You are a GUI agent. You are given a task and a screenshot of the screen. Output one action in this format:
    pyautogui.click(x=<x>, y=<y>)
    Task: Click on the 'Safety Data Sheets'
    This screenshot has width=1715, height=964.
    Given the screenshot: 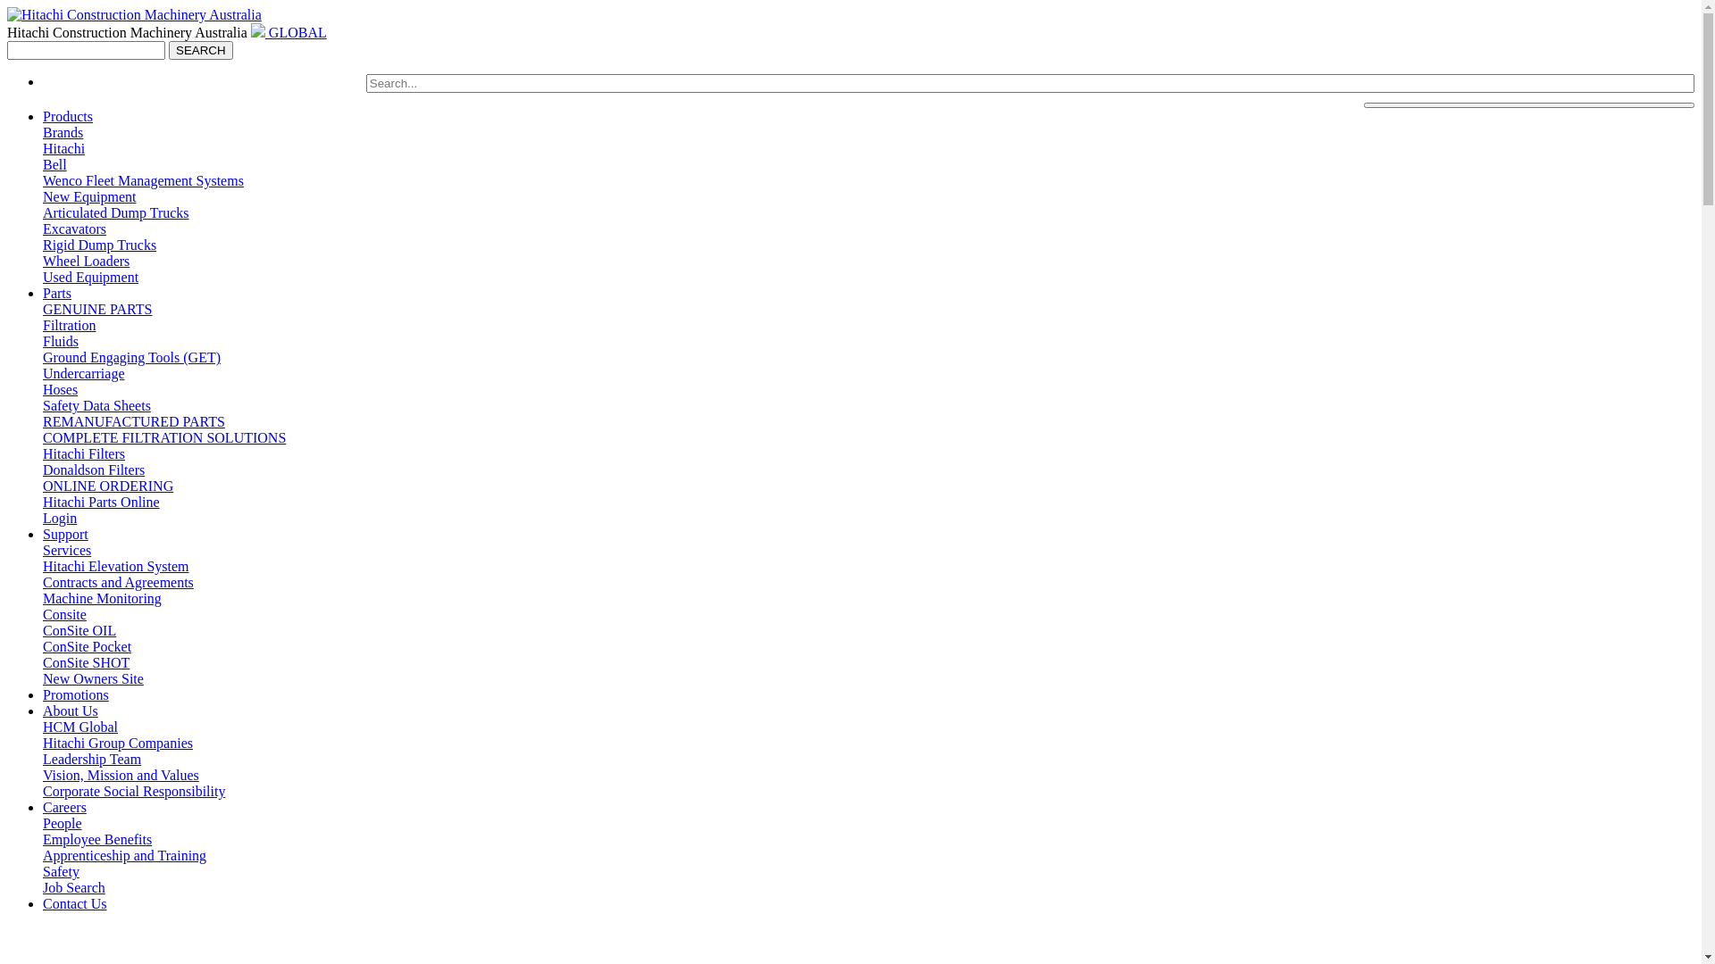 What is the action you would take?
    pyautogui.click(x=96, y=405)
    